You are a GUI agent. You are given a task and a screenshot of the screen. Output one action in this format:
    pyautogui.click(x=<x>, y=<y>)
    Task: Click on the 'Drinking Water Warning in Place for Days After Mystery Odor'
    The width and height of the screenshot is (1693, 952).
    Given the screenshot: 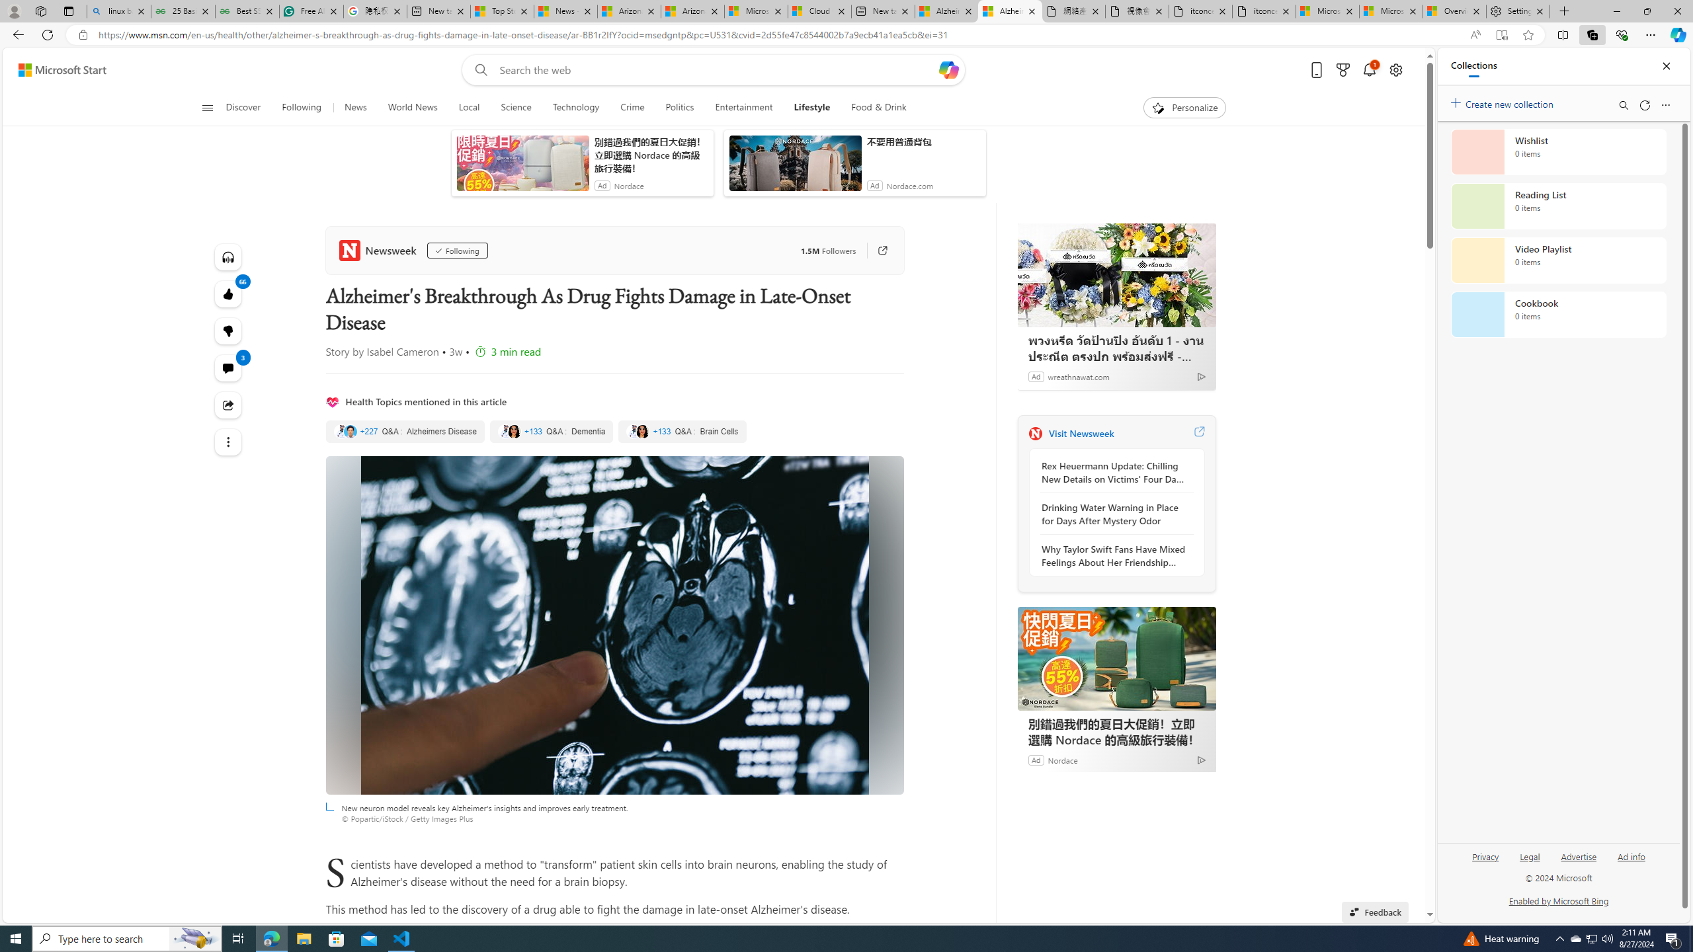 What is the action you would take?
    pyautogui.click(x=1113, y=514)
    